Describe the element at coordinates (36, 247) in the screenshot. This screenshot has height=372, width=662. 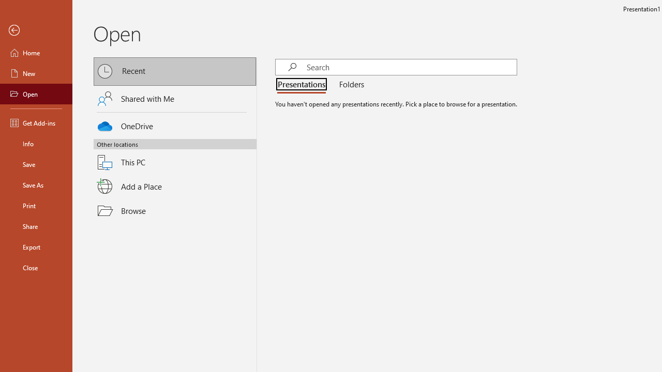
I see `'Export'` at that location.